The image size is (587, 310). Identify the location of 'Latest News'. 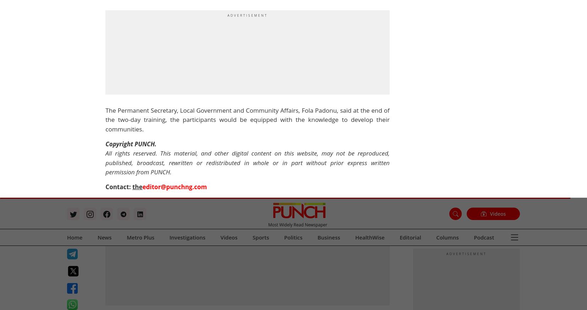
(83, 13).